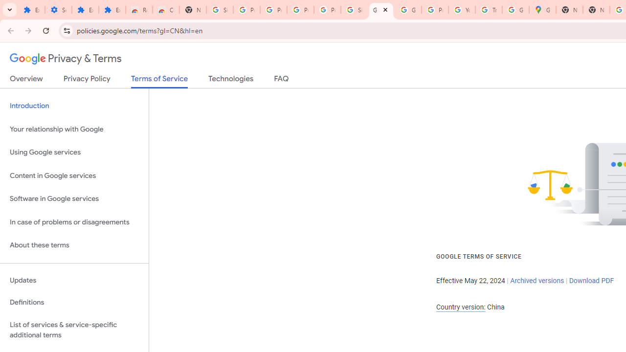  I want to click on 'Google Maps', so click(542, 10).